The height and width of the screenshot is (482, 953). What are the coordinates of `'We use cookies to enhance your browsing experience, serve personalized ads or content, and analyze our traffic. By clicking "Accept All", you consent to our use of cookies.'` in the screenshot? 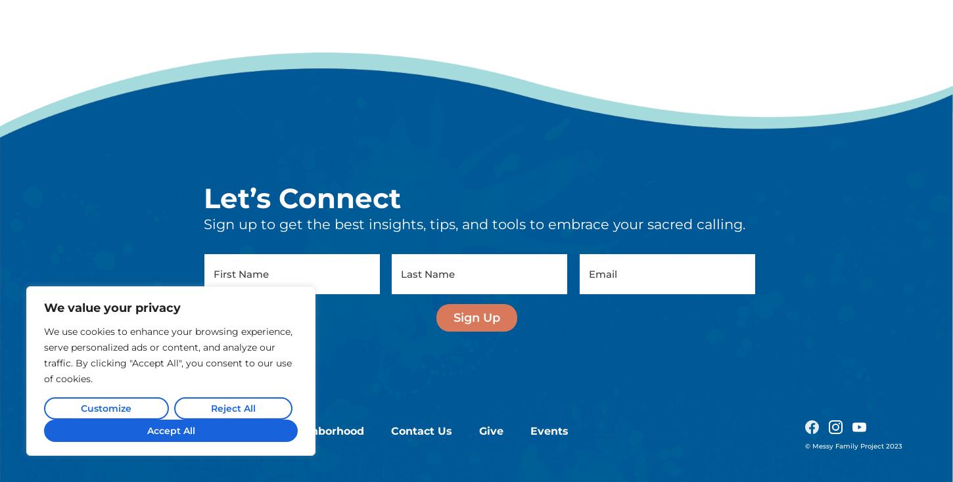 It's located at (168, 223).